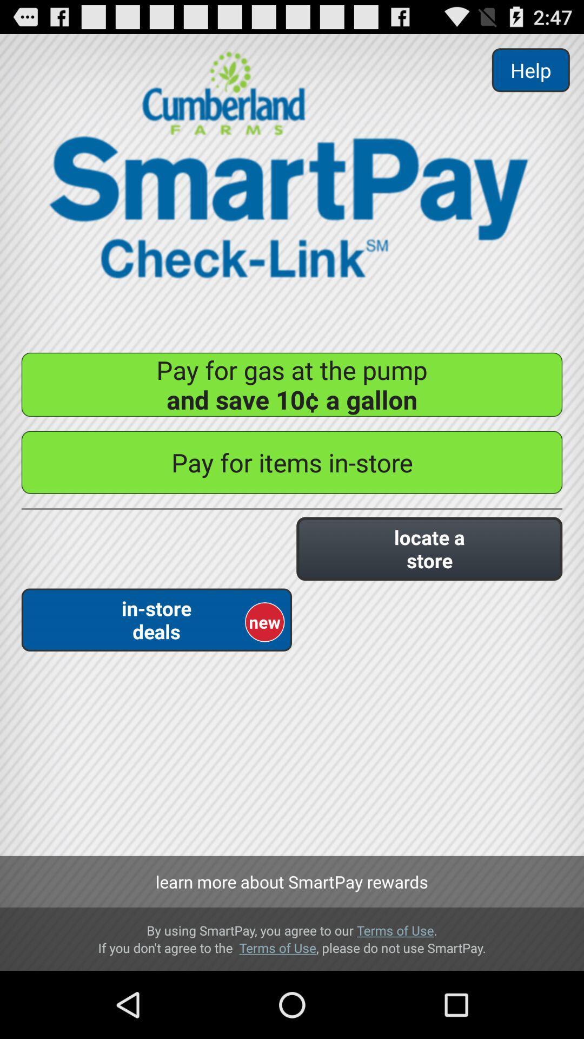  I want to click on button above the in-store, so click(429, 549).